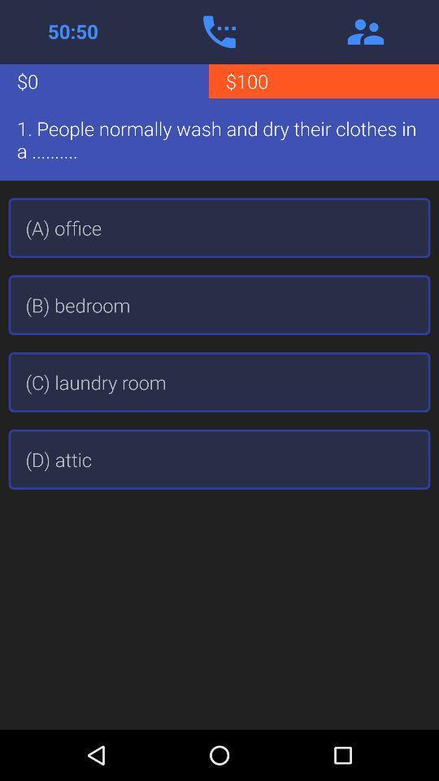 The width and height of the screenshot is (439, 781). What do you see at coordinates (219, 304) in the screenshot?
I see `the app above the (c) laundry room icon` at bounding box center [219, 304].